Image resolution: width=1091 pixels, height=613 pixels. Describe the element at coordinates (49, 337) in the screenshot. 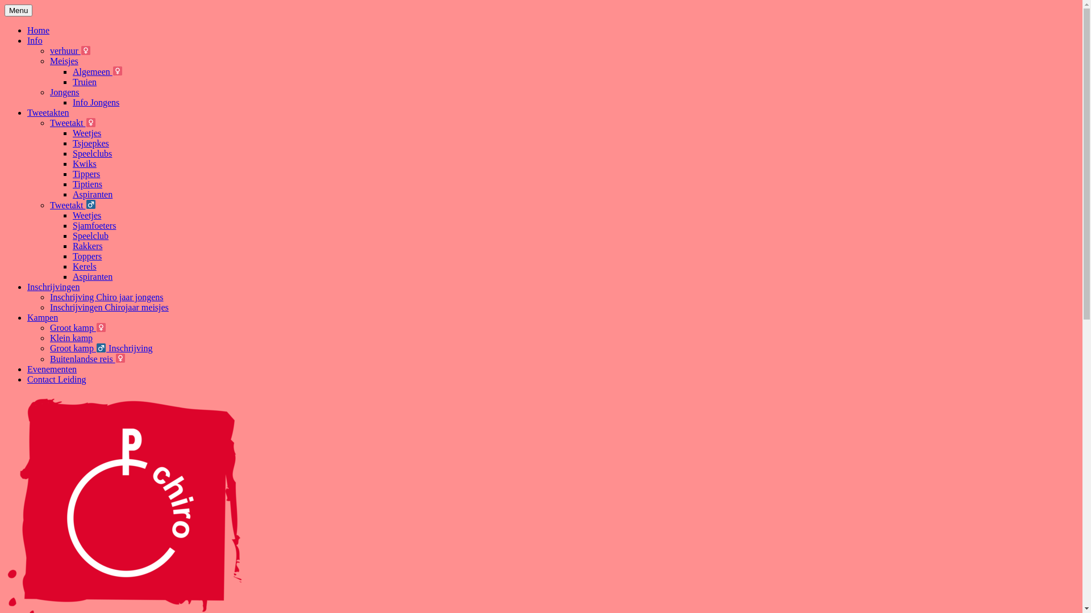

I see `'Klein kamp'` at that location.